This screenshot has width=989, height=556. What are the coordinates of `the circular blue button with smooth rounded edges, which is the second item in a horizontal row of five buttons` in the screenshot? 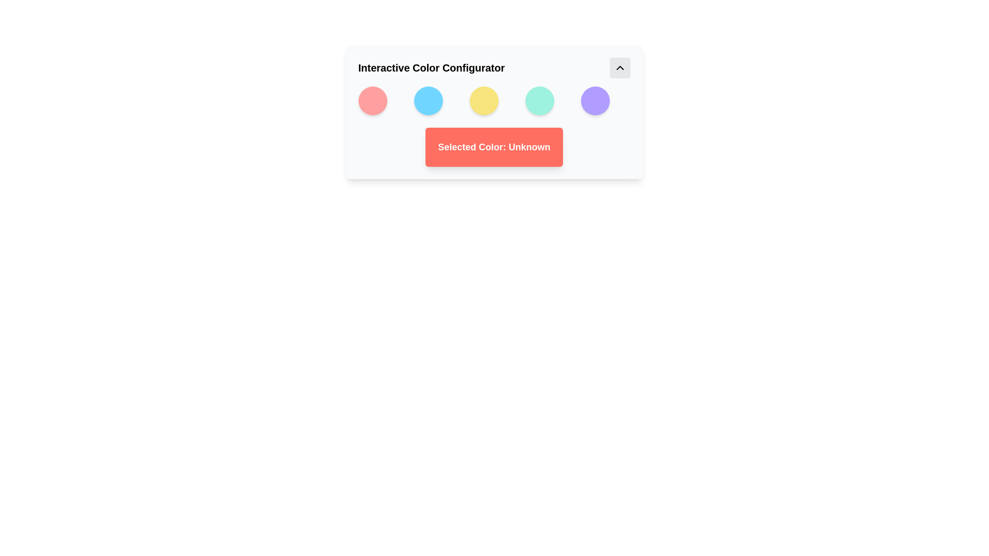 It's located at (428, 101).